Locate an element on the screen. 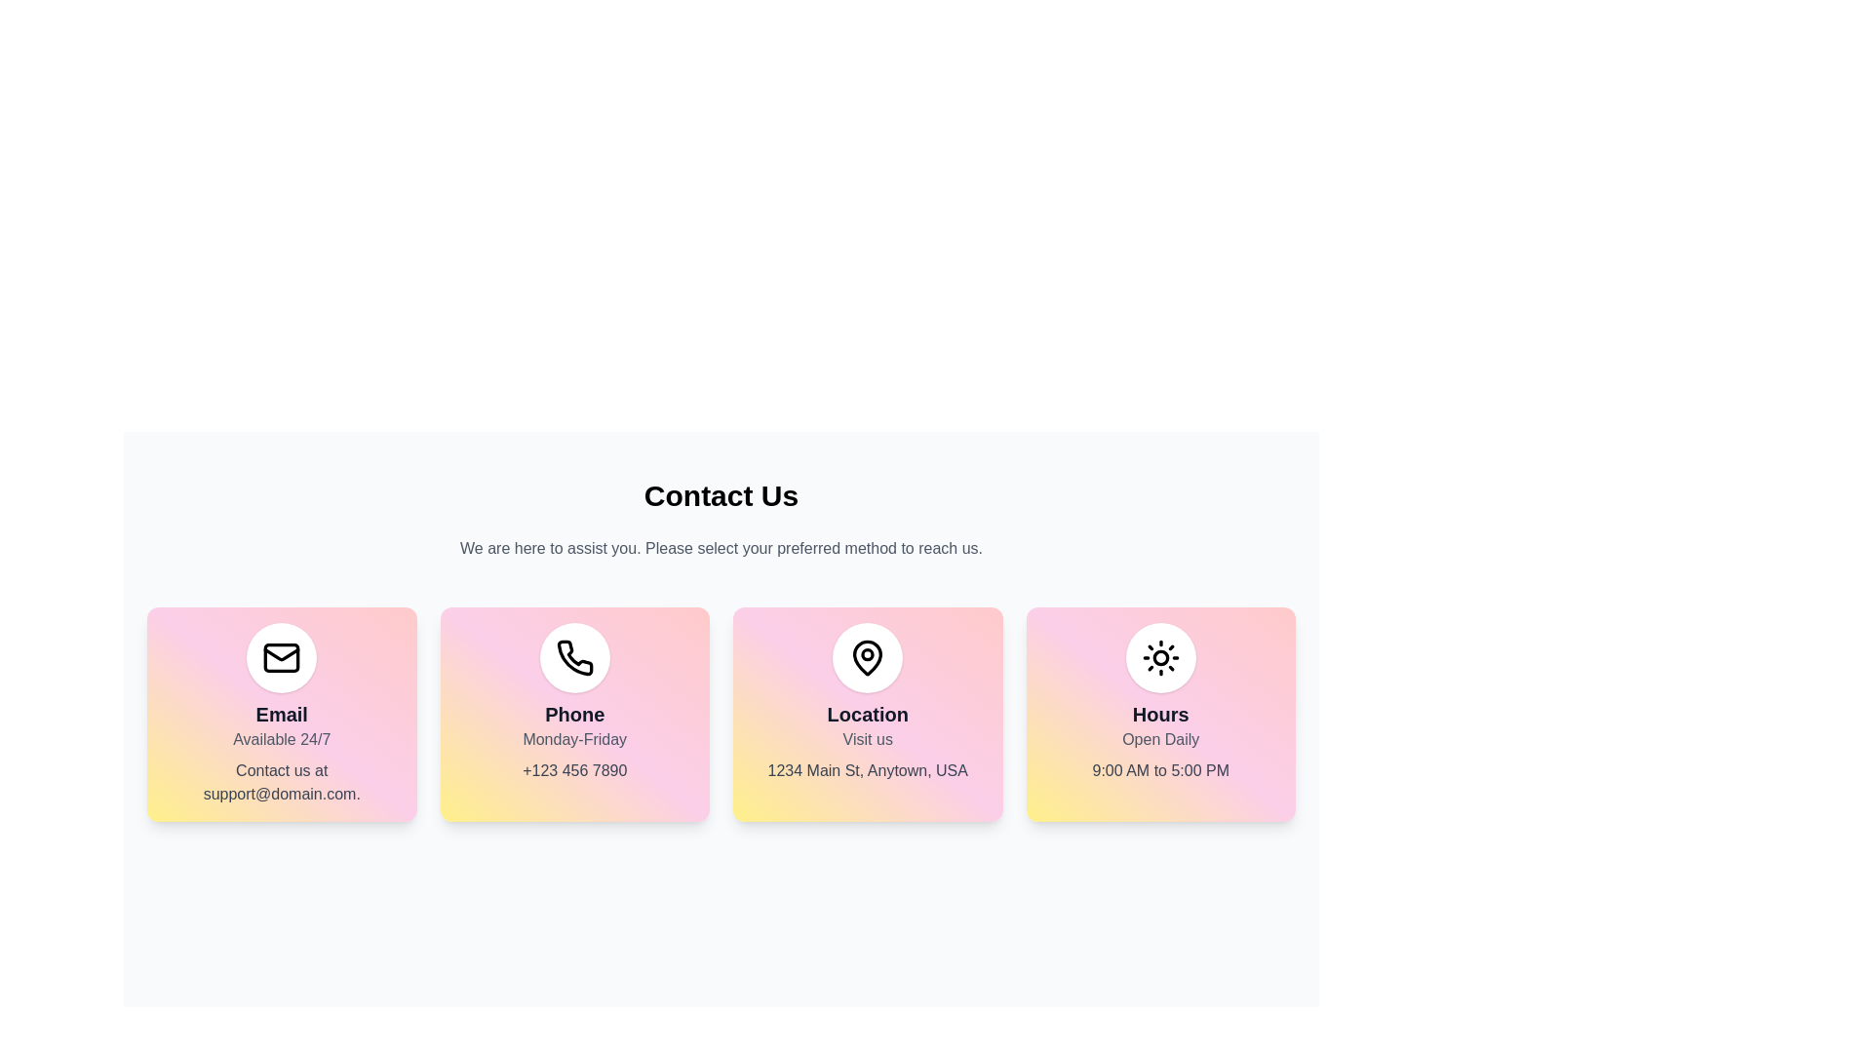 This screenshot has width=1872, height=1053. properties of the SVG Circle element located at the center of the sun icon in the last card labeled 'Hours', positioned at the top-right corner of the interface is located at coordinates (1160, 658).